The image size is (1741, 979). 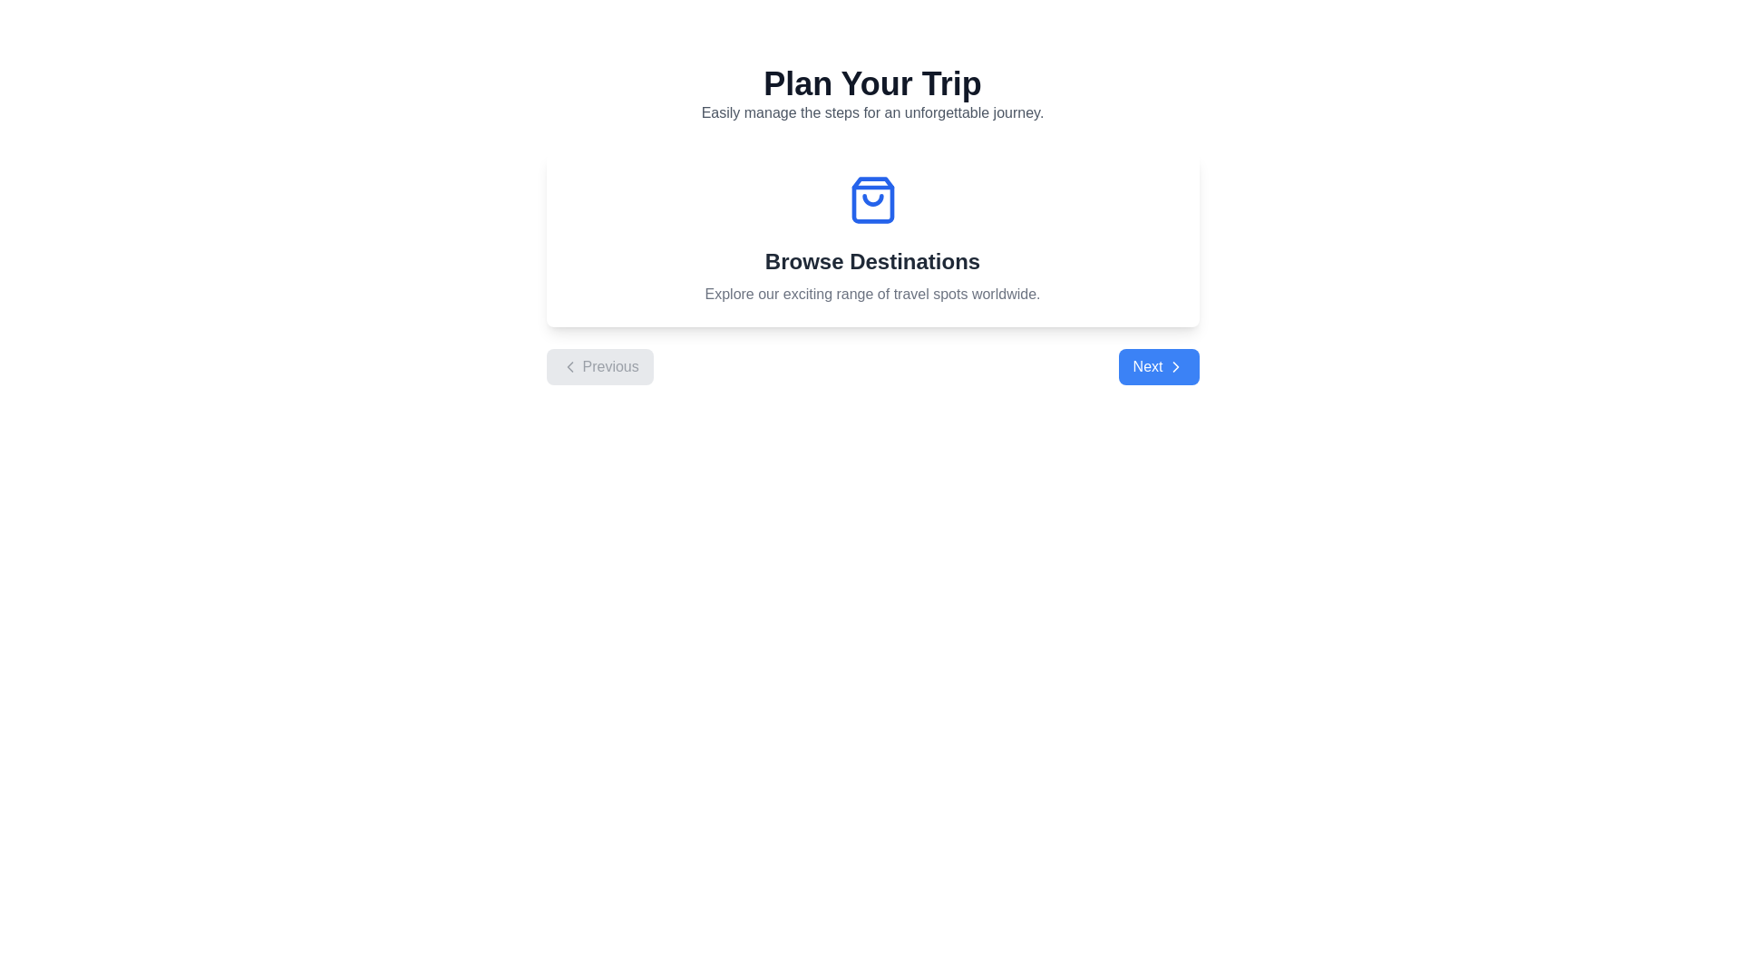 I want to click on the 'Previous' icon to read the associated tooltip, so click(x=569, y=367).